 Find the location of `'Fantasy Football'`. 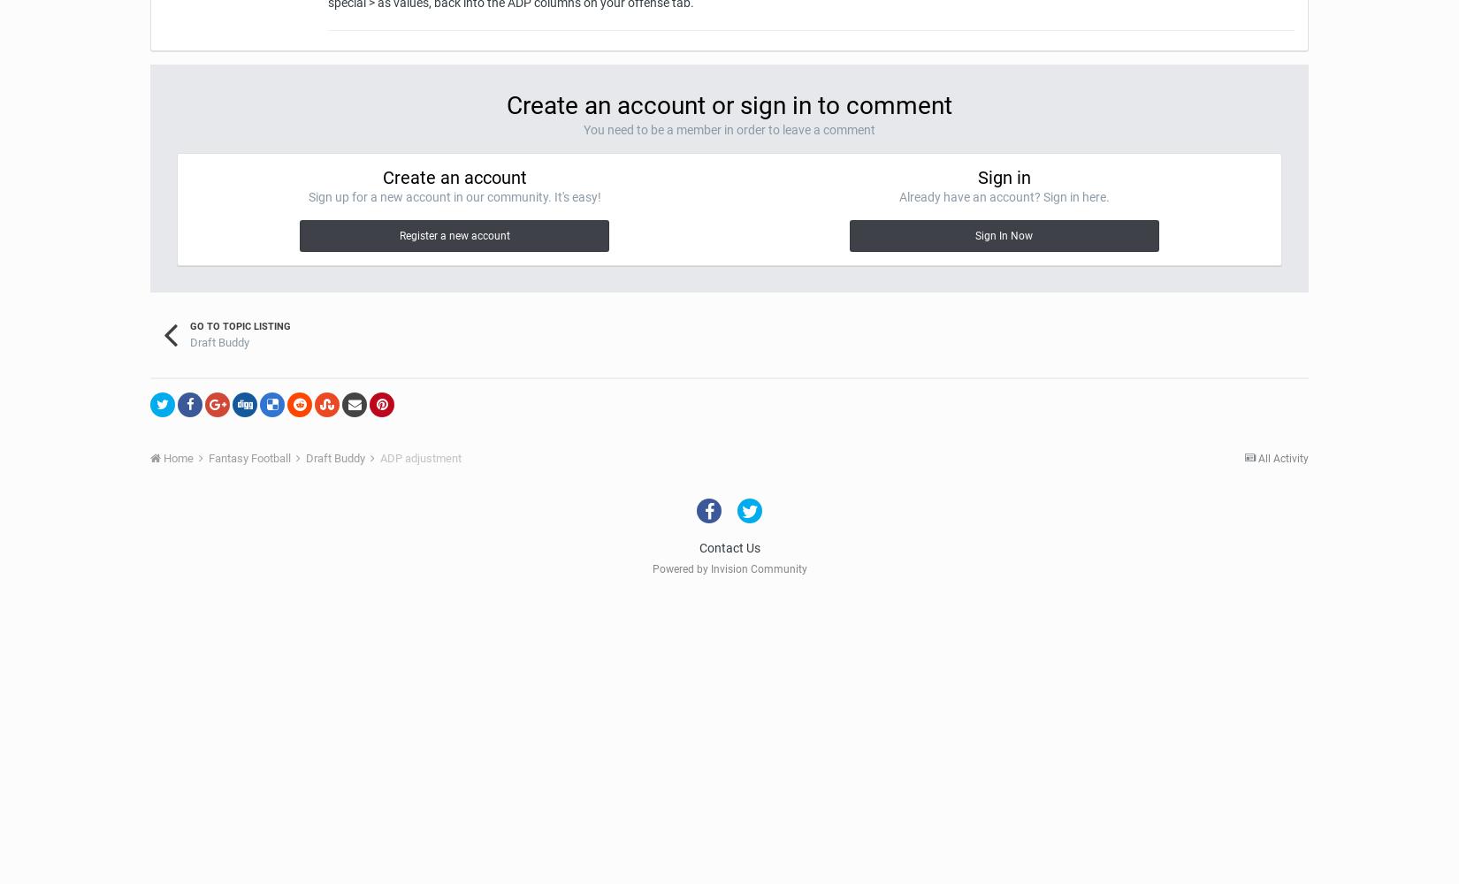

'Fantasy Football' is located at coordinates (250, 458).